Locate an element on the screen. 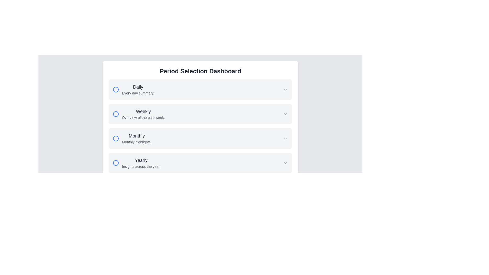 The width and height of the screenshot is (489, 275). the circular radio button with a blue border and solid white center adjacent to the 'Monthly' label in the 'Period Selection Dashboard' interface is located at coordinates (116, 138).